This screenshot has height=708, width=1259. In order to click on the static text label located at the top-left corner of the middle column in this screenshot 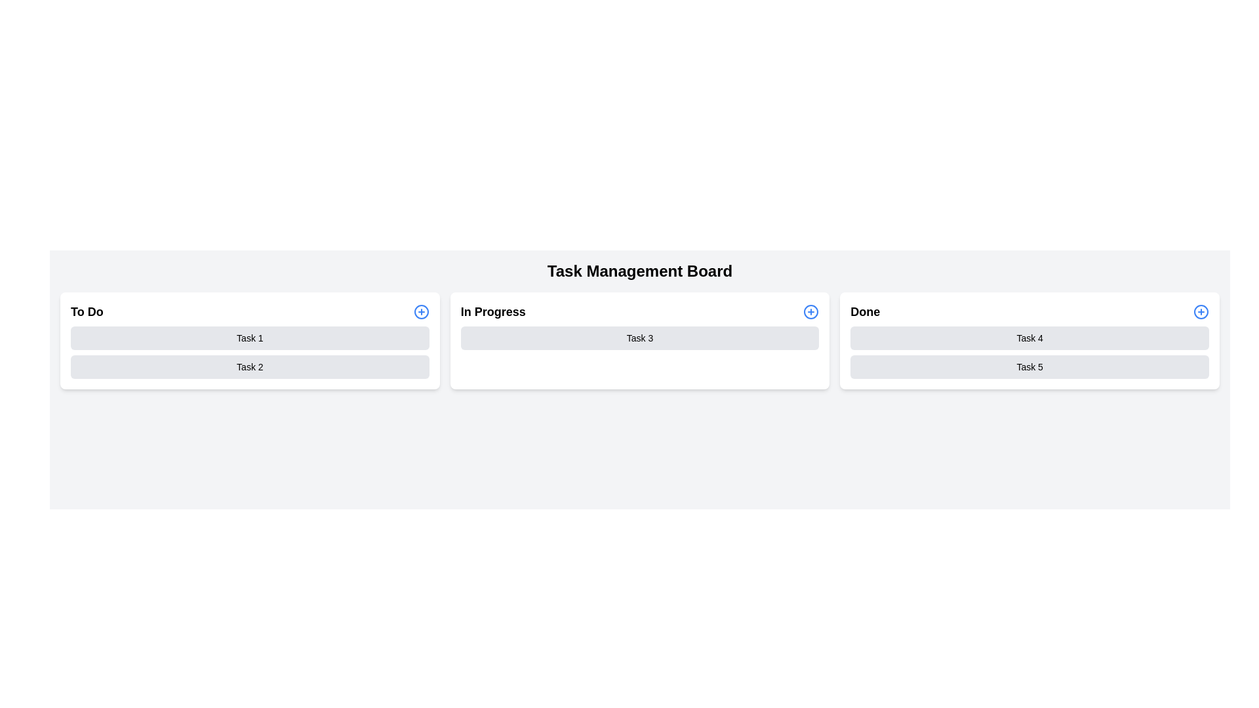, I will do `click(492, 311)`.